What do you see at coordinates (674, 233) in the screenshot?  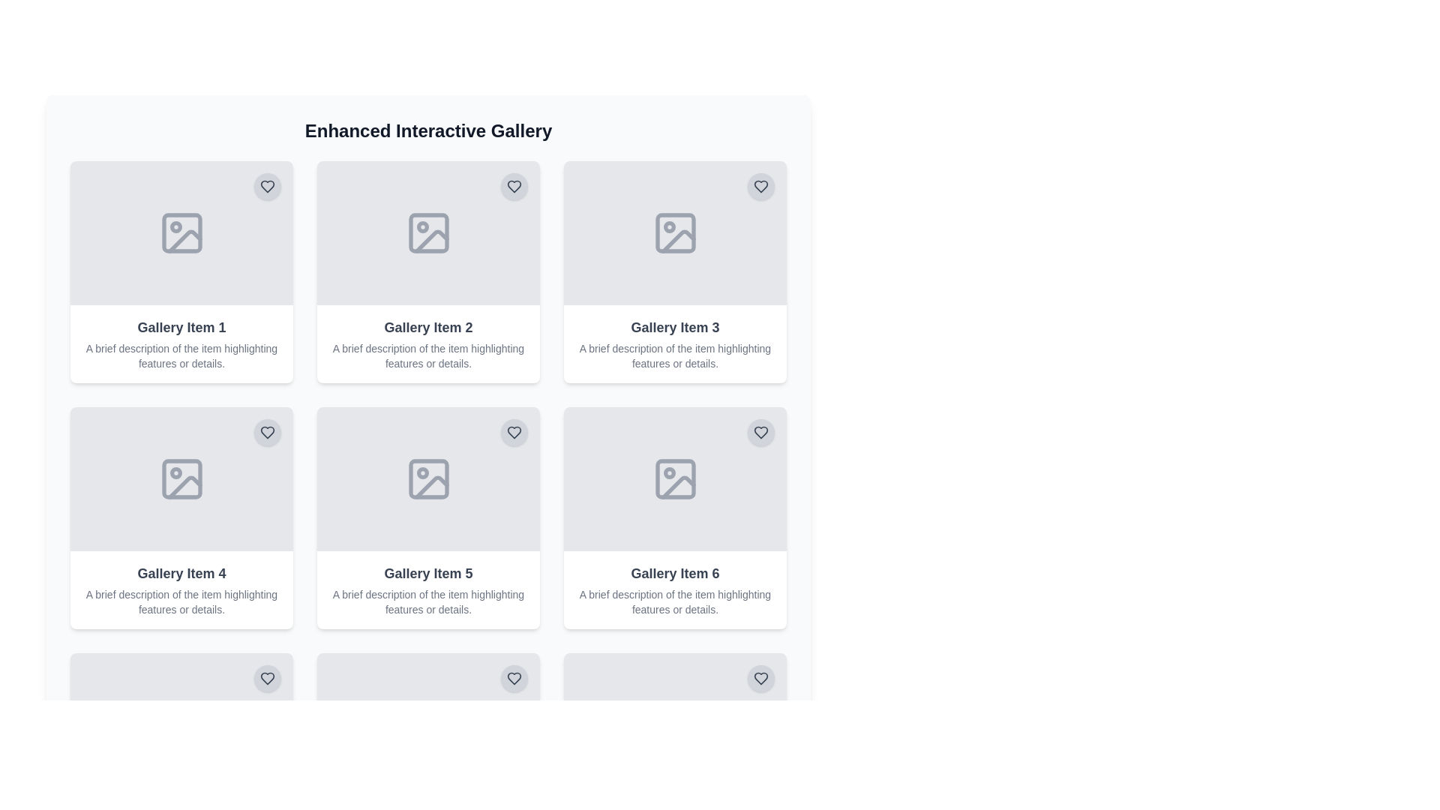 I see `the decorative outline component, which is a square outline with rounded corners, part of the icon for 'Gallery Item 3'` at bounding box center [674, 233].